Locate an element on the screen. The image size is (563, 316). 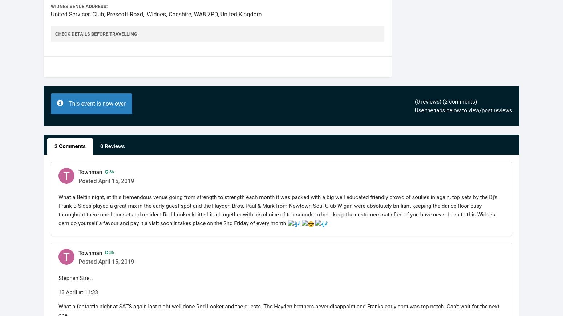
'0 Reviews' is located at coordinates (112, 146).